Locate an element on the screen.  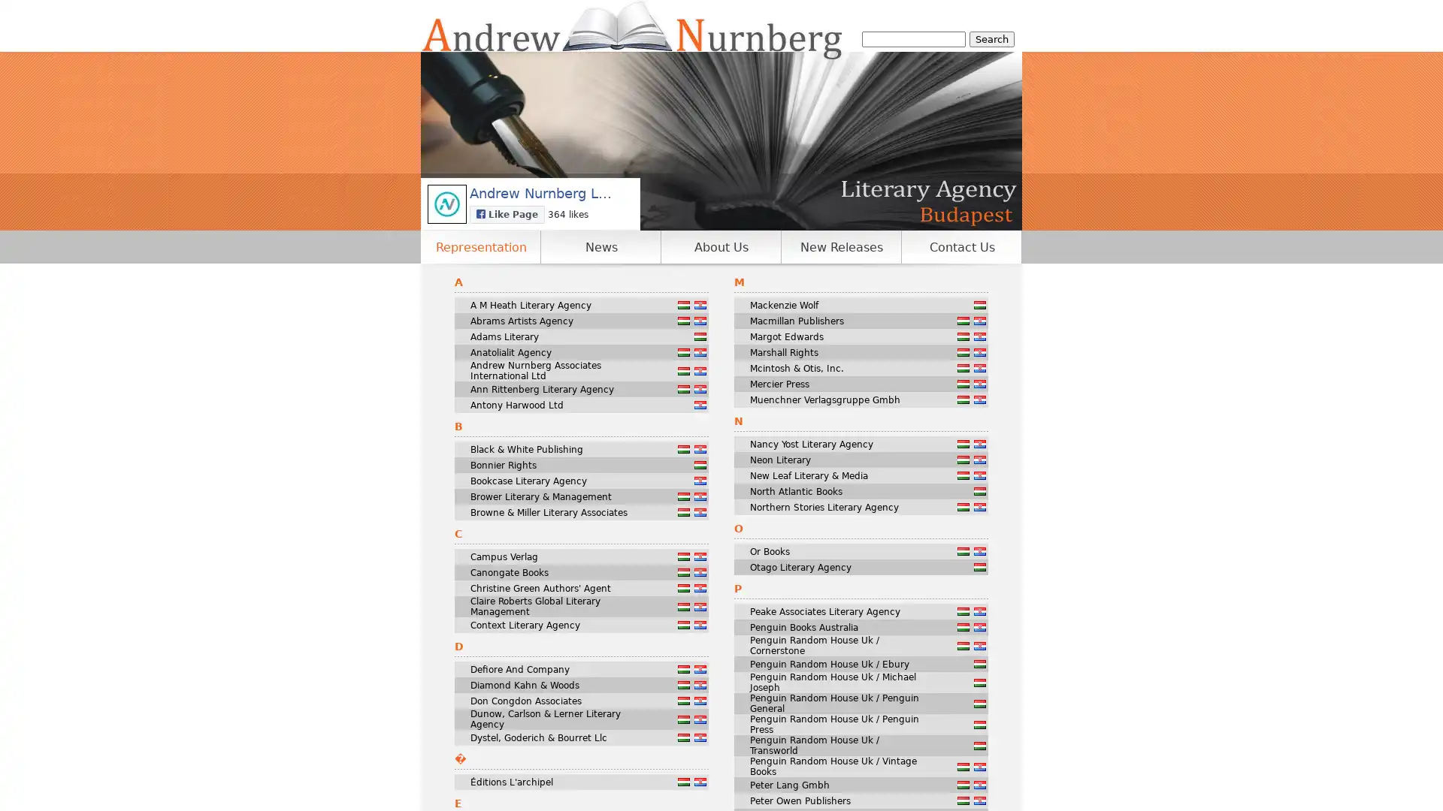
Search is located at coordinates (992, 38).